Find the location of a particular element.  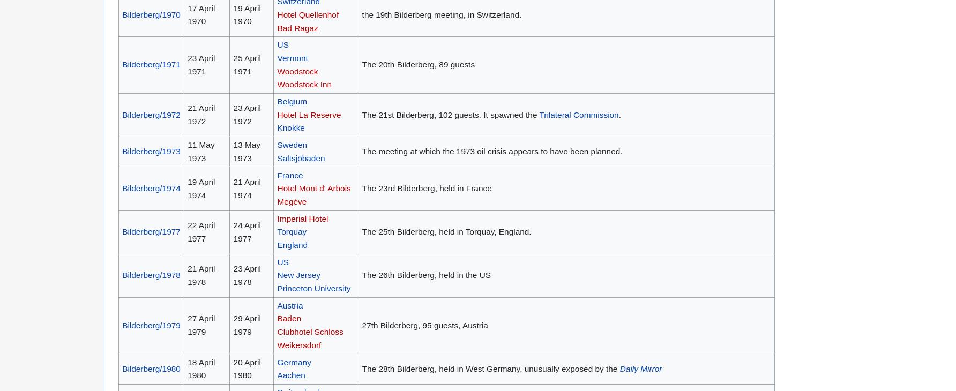

'The 26th Bilderberg, held in the US' is located at coordinates (425, 274).